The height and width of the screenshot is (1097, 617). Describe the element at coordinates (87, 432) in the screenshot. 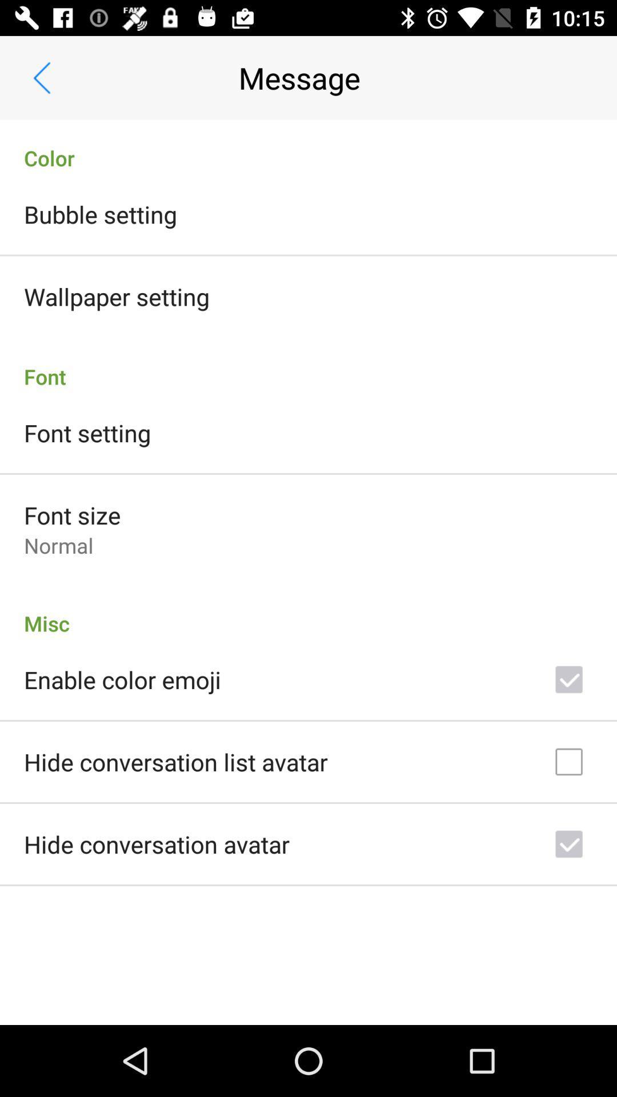

I see `the icon above font size` at that location.